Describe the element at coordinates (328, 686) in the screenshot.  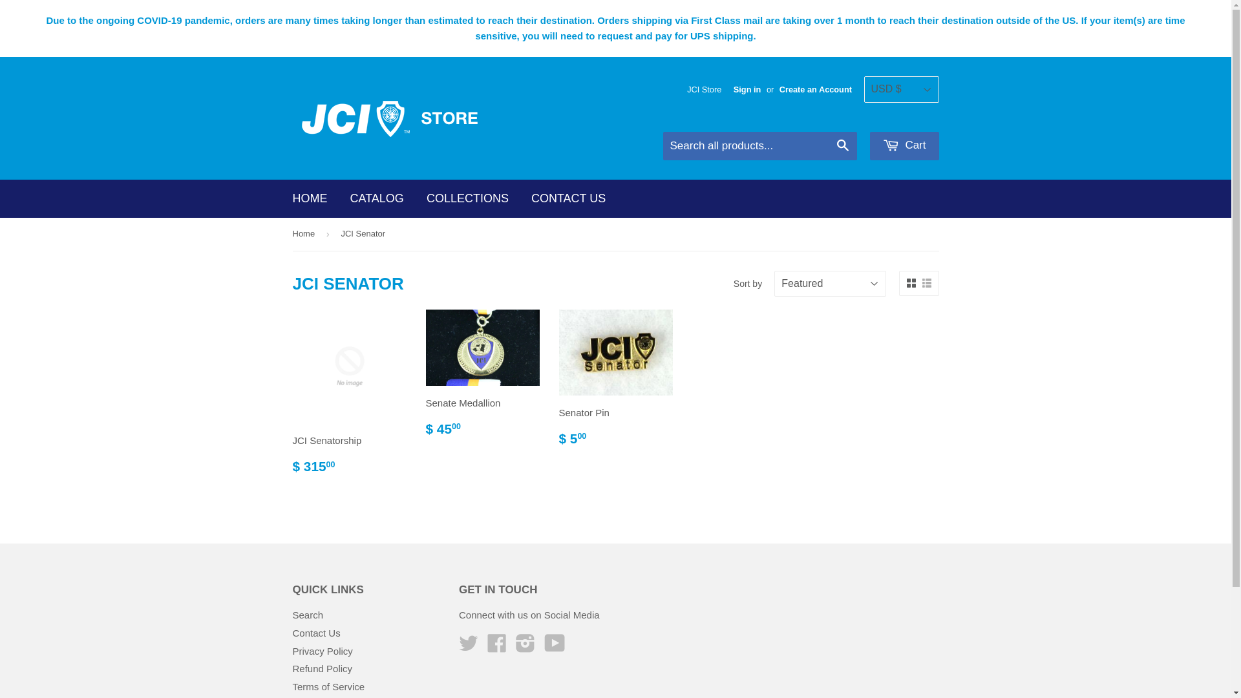
I see `'Terms of Service'` at that location.